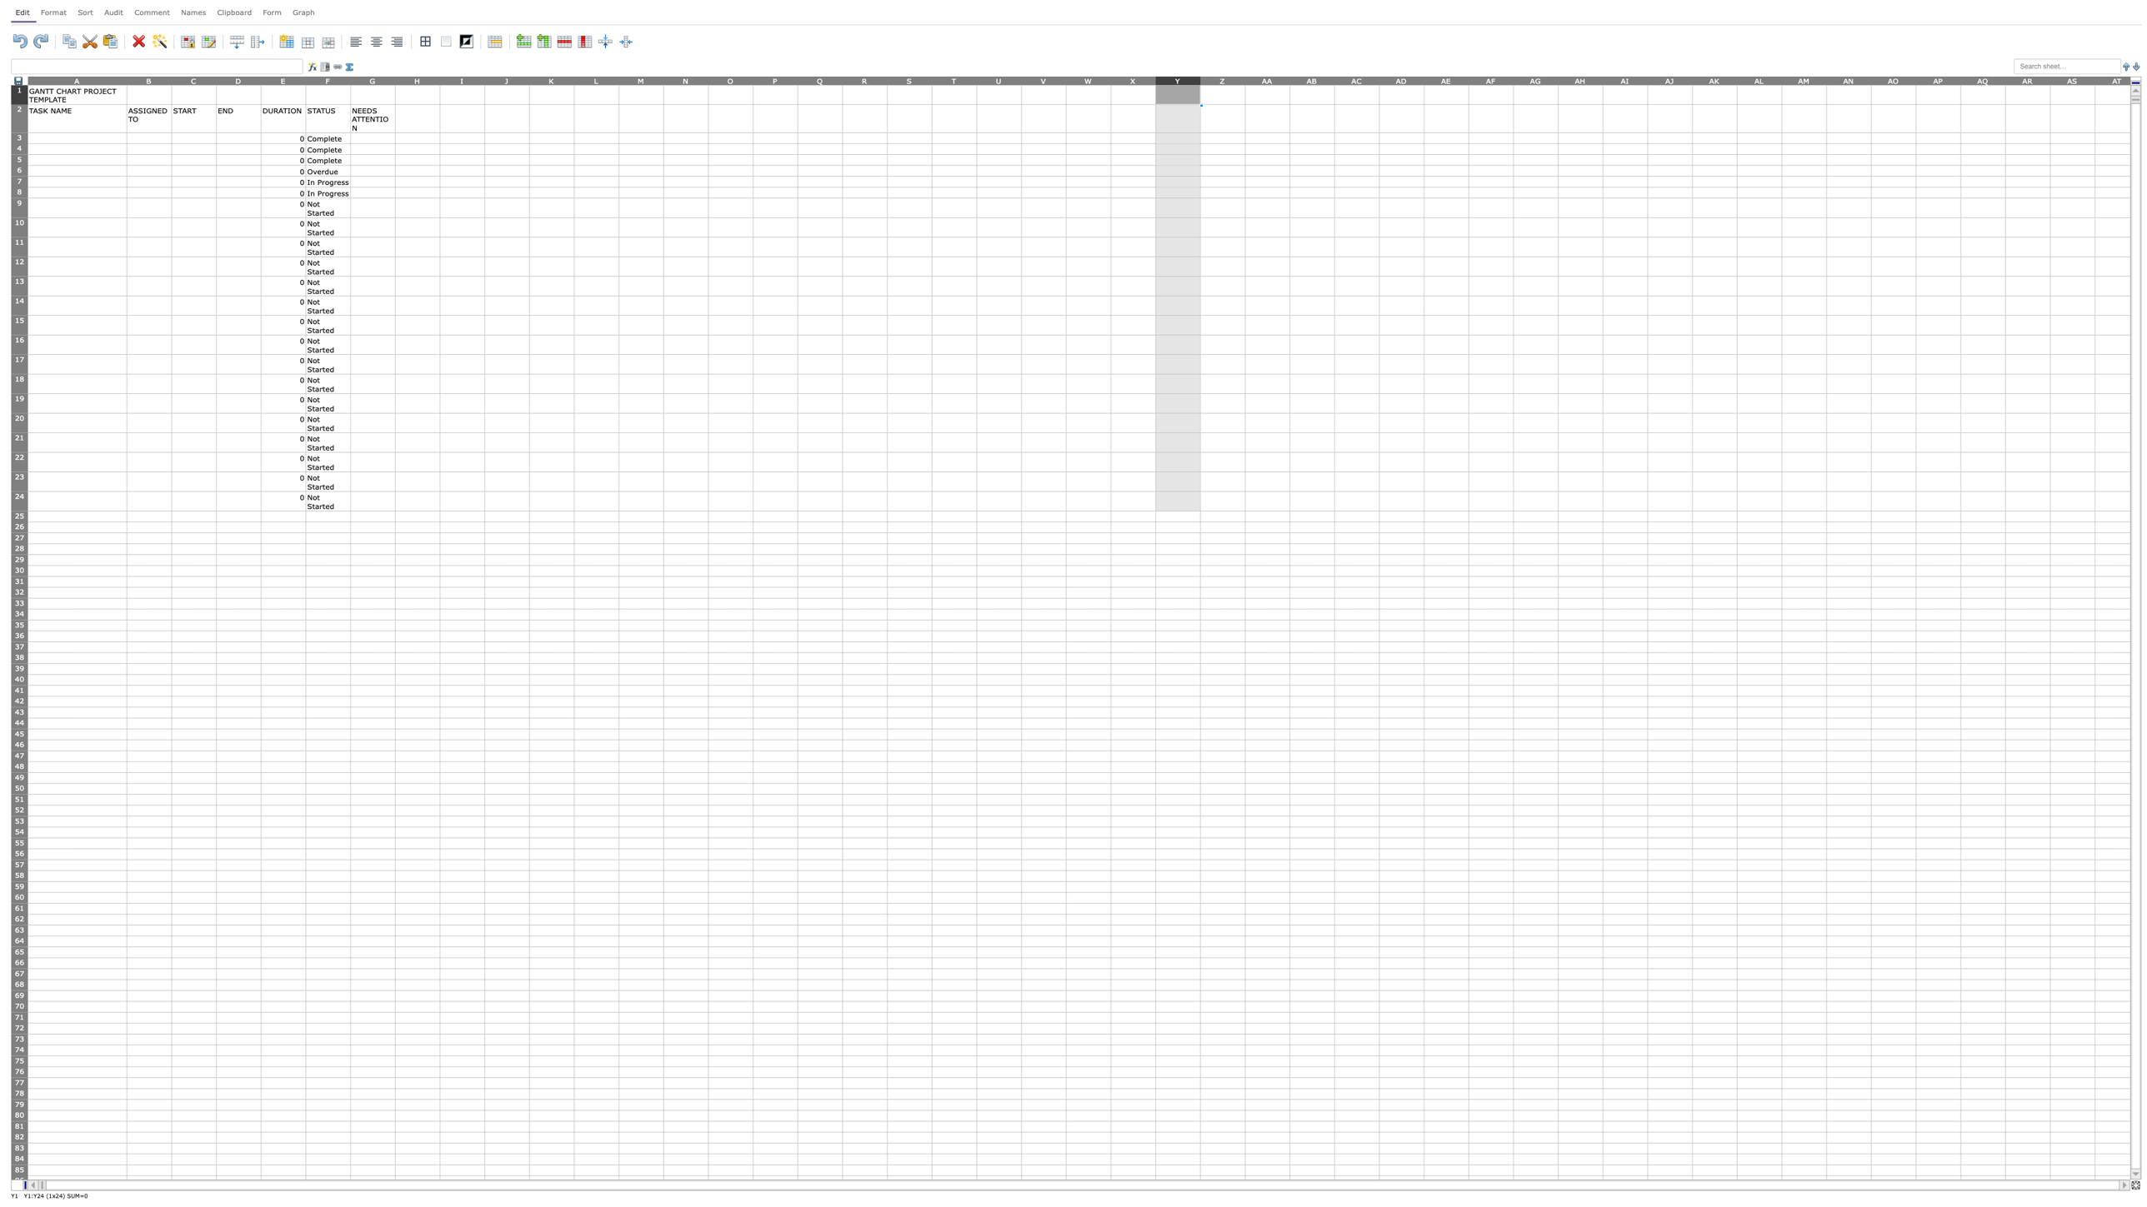 The height and width of the screenshot is (1207, 2147). What do you see at coordinates (1334, 79) in the screenshot?
I see `column AB's width resize handle` at bounding box center [1334, 79].